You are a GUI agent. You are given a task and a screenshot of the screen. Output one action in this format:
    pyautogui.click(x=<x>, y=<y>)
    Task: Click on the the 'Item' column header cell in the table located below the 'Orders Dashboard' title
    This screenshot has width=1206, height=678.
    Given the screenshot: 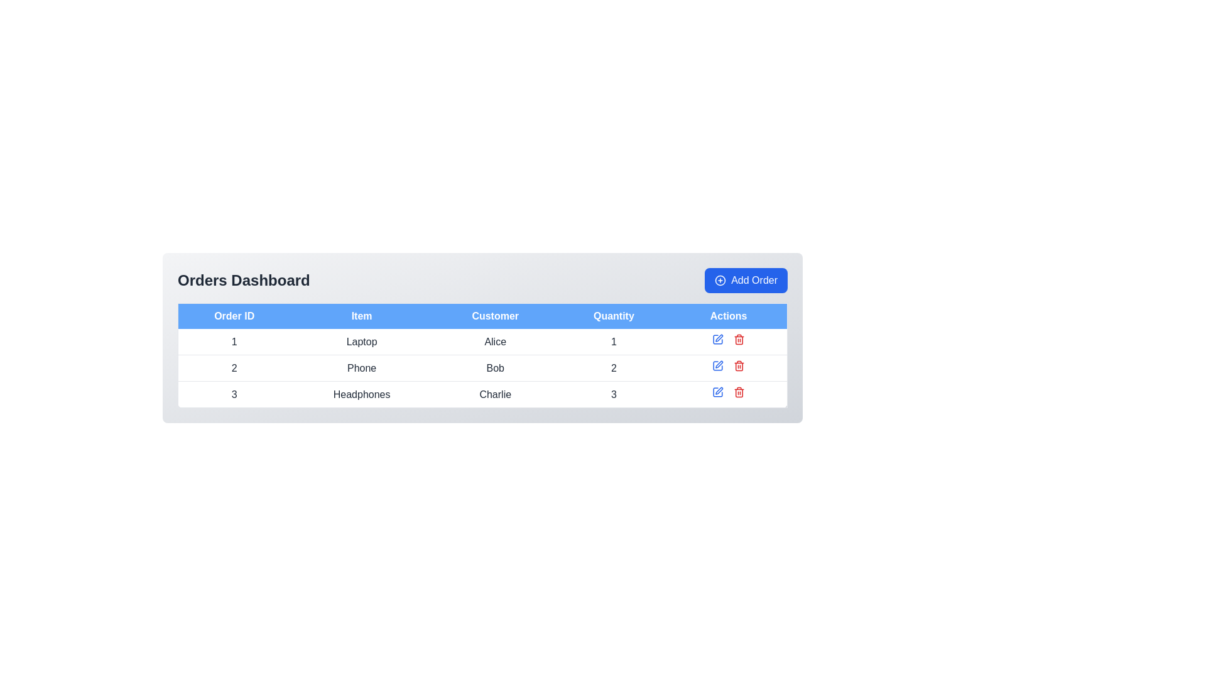 What is the action you would take?
    pyautogui.click(x=361, y=315)
    